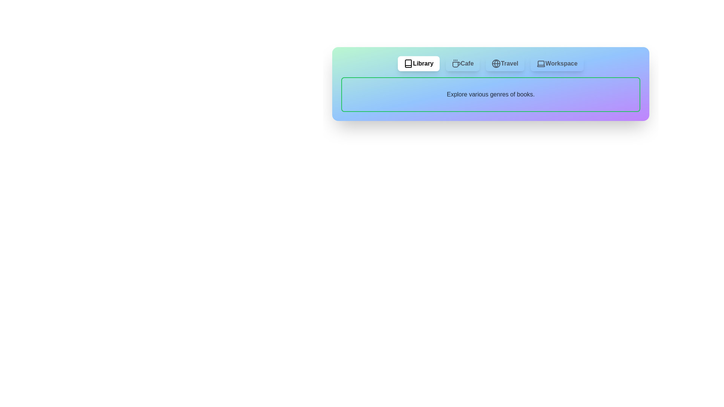  What do you see at coordinates (418, 63) in the screenshot?
I see `the Library button to observe its hover effect` at bounding box center [418, 63].